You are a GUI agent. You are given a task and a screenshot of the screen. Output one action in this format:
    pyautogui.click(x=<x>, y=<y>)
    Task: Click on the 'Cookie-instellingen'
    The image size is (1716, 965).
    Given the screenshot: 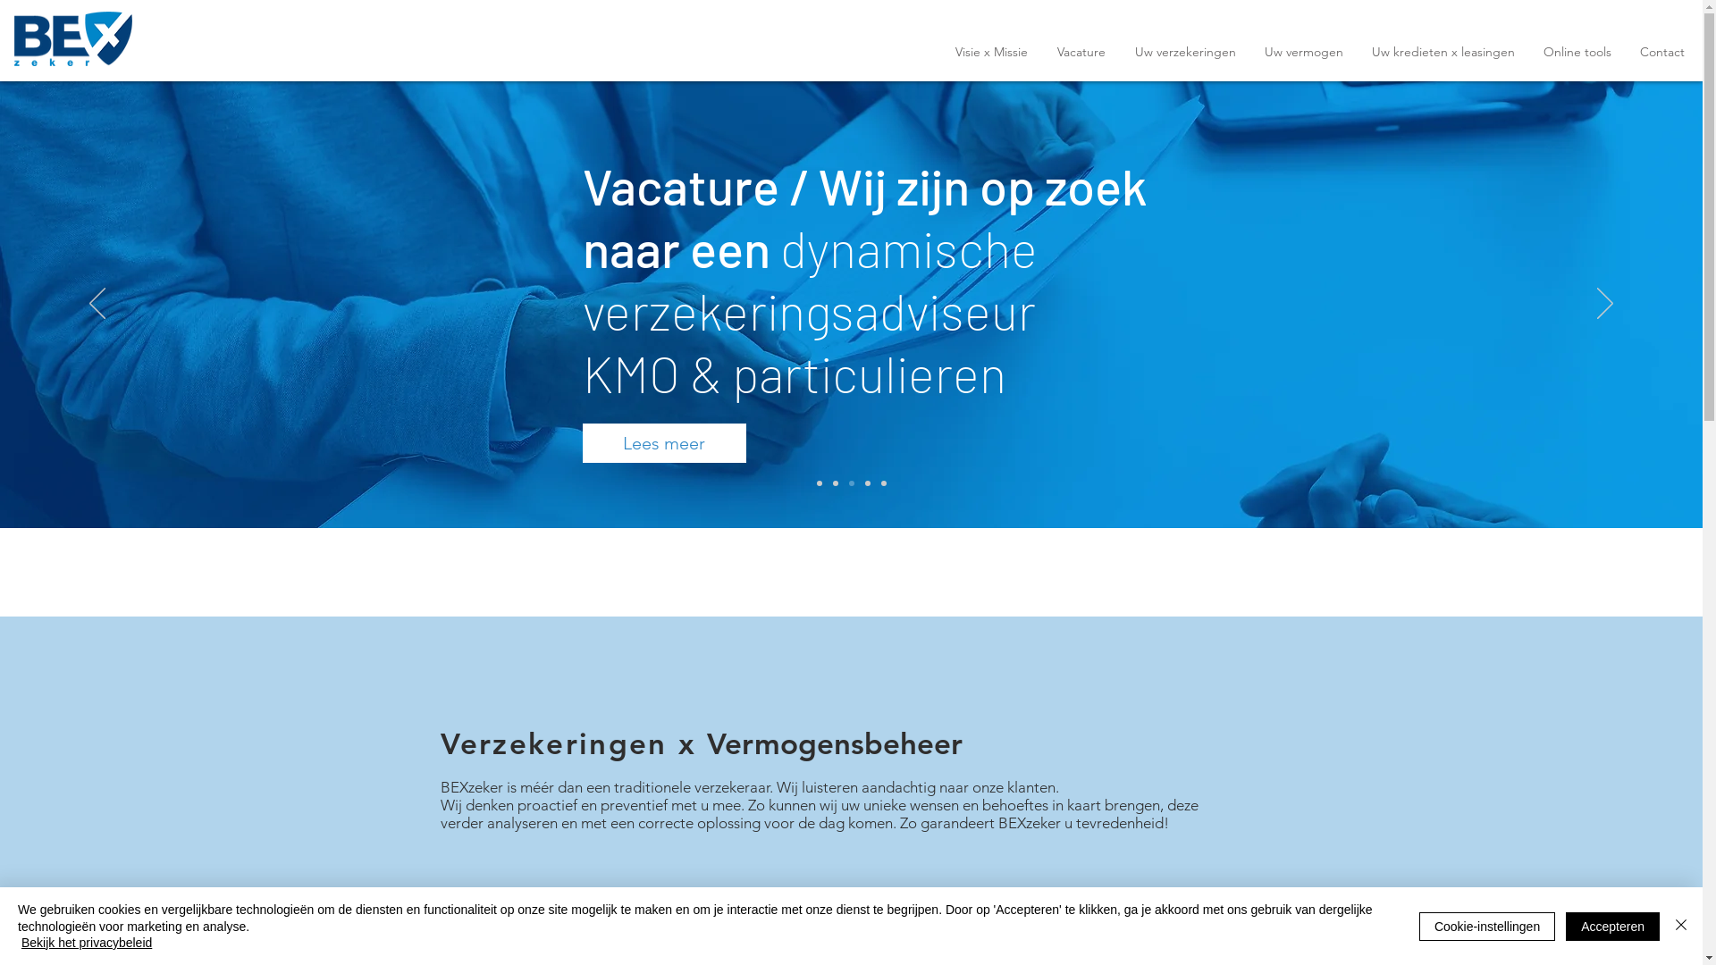 What is the action you would take?
    pyautogui.click(x=1487, y=926)
    